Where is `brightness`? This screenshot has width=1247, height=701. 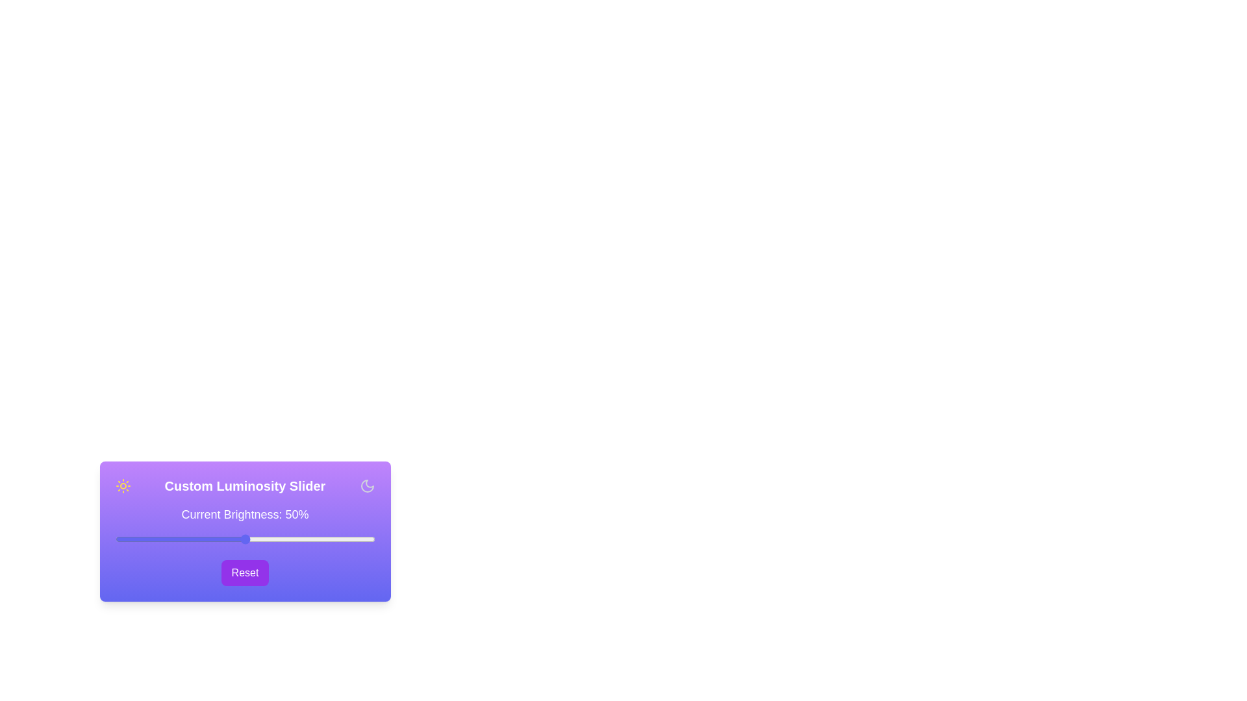 brightness is located at coordinates (315, 539).